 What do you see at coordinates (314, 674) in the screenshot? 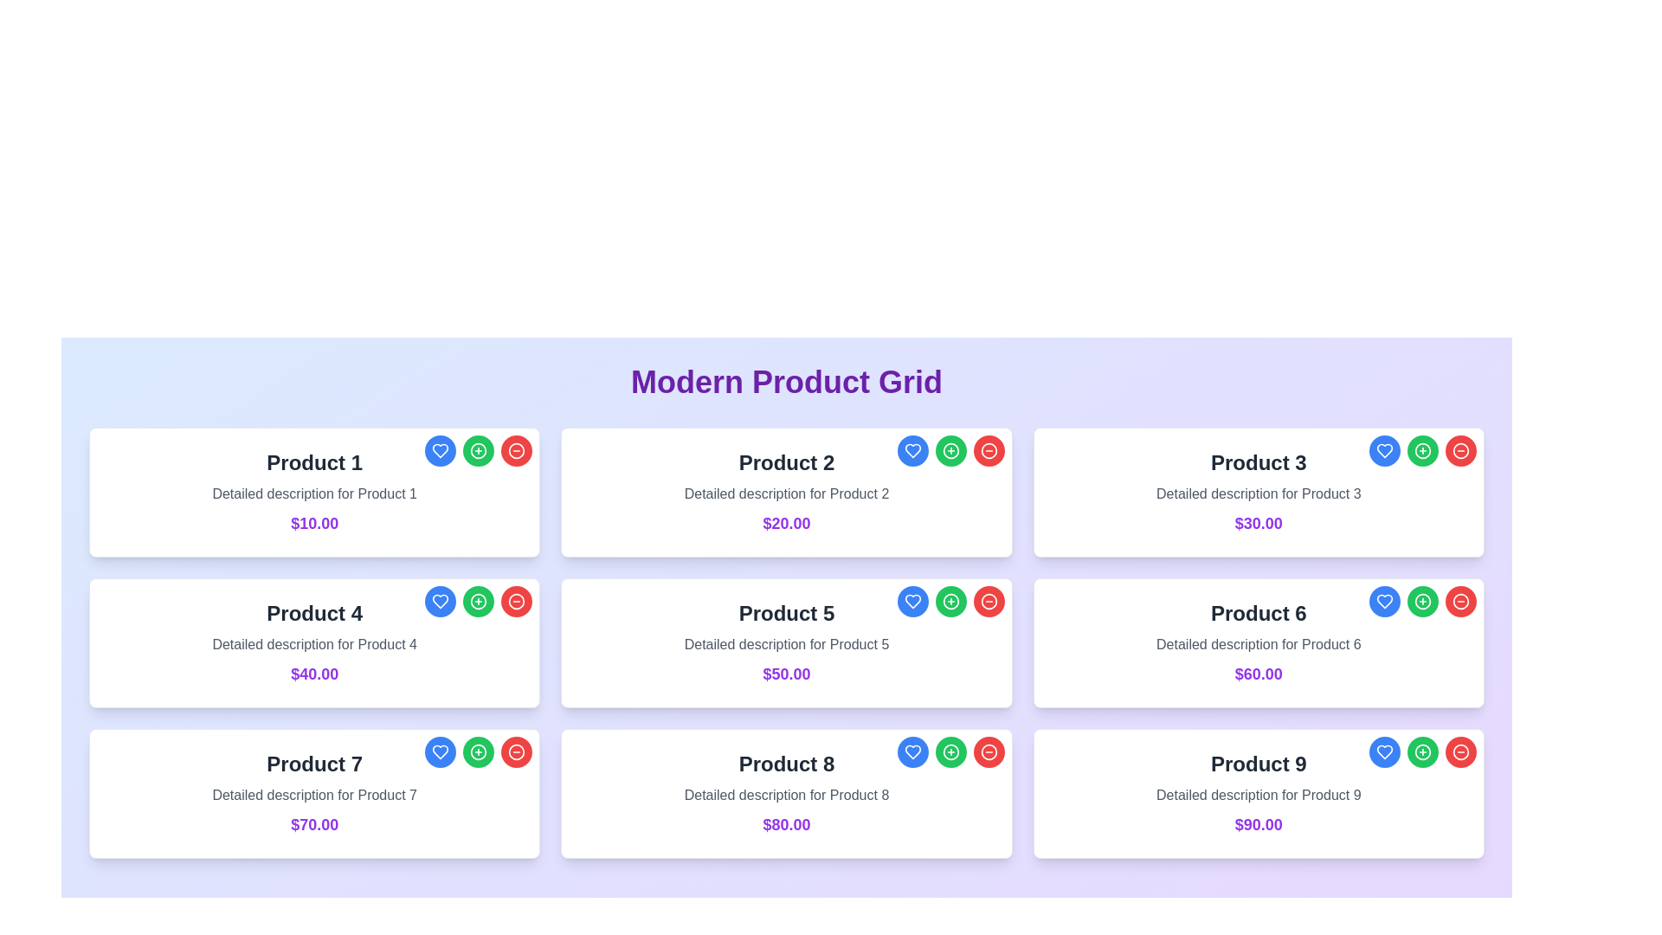
I see `the text label displaying the price of the product in the 'Product 4' card, located below the product's description` at bounding box center [314, 674].